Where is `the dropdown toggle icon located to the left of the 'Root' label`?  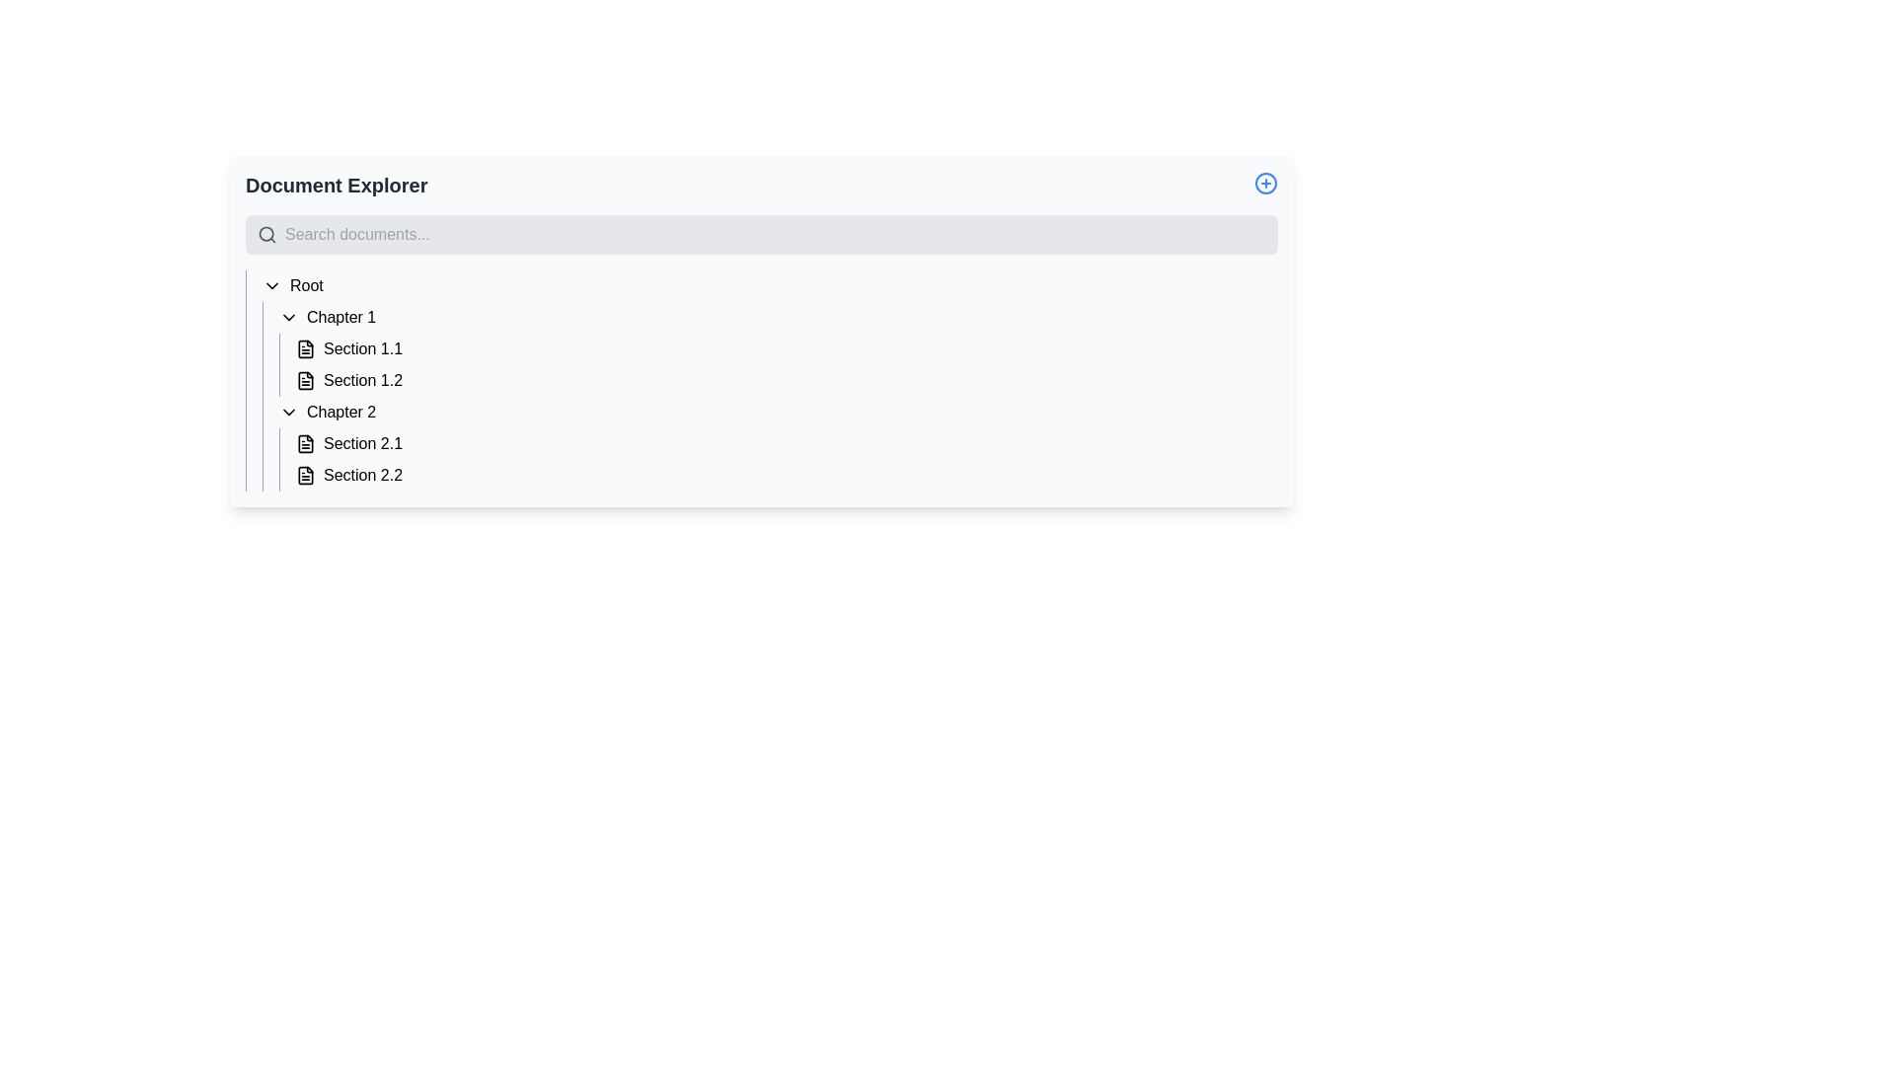 the dropdown toggle icon located to the left of the 'Root' label is located at coordinates (270, 285).